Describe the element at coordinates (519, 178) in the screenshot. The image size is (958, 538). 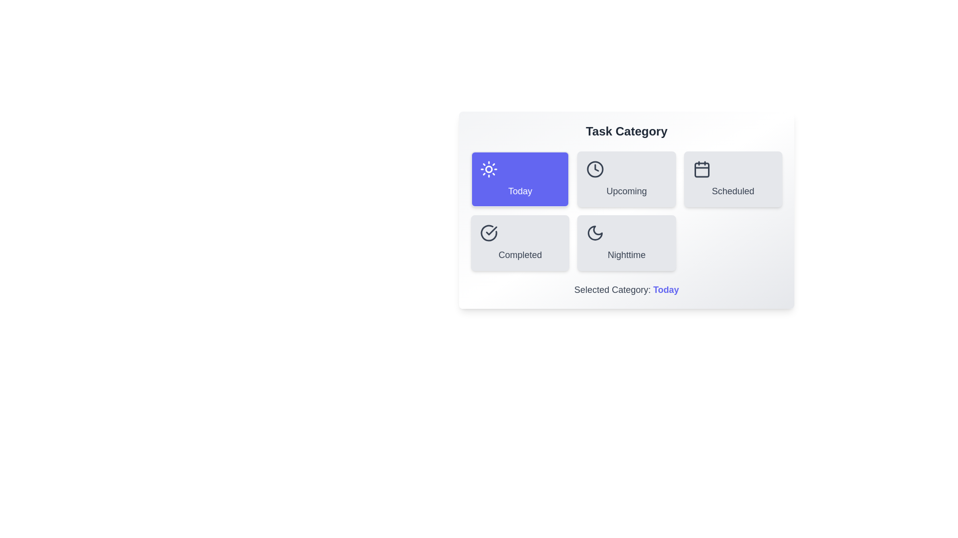
I see `the button corresponding to the category Today to select it` at that location.